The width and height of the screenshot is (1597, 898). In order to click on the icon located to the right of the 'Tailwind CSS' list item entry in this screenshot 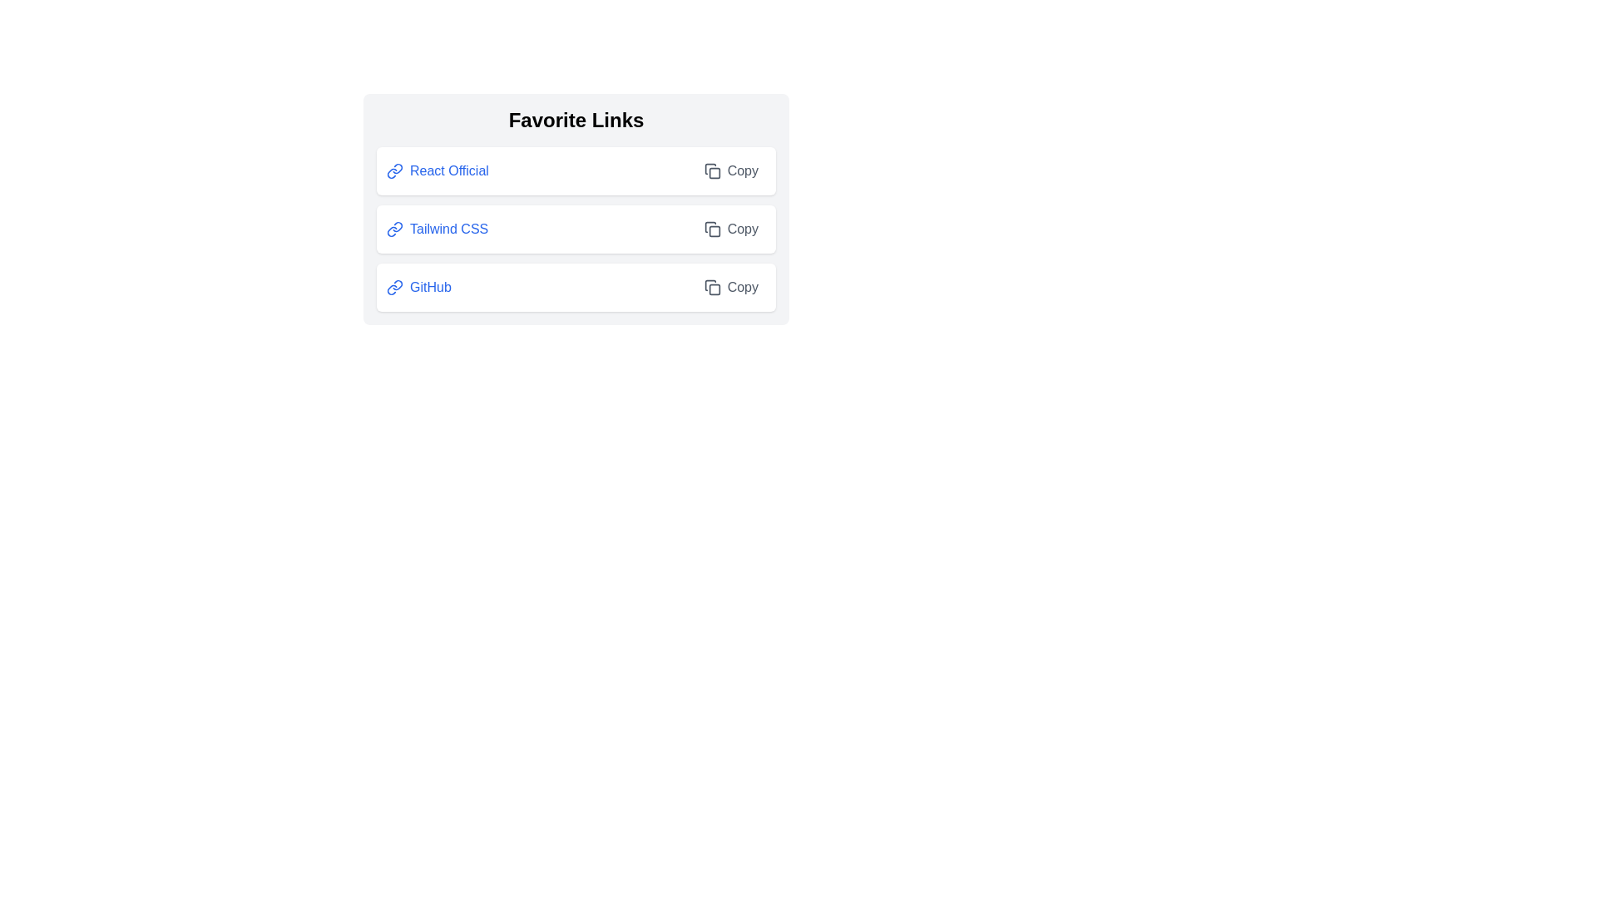, I will do `click(714, 231)`.